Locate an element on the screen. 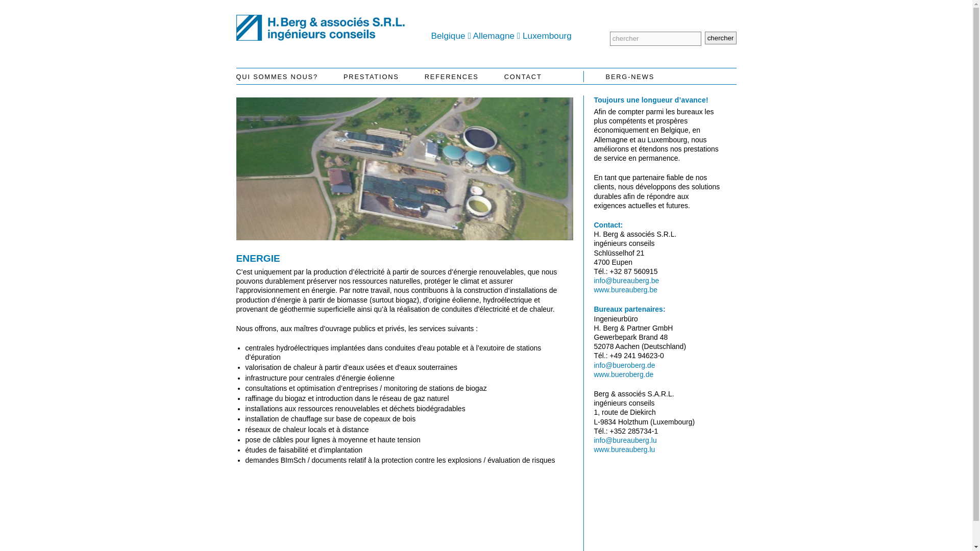 The width and height of the screenshot is (980, 551). 'PRESTATIONS' is located at coordinates (371, 77).